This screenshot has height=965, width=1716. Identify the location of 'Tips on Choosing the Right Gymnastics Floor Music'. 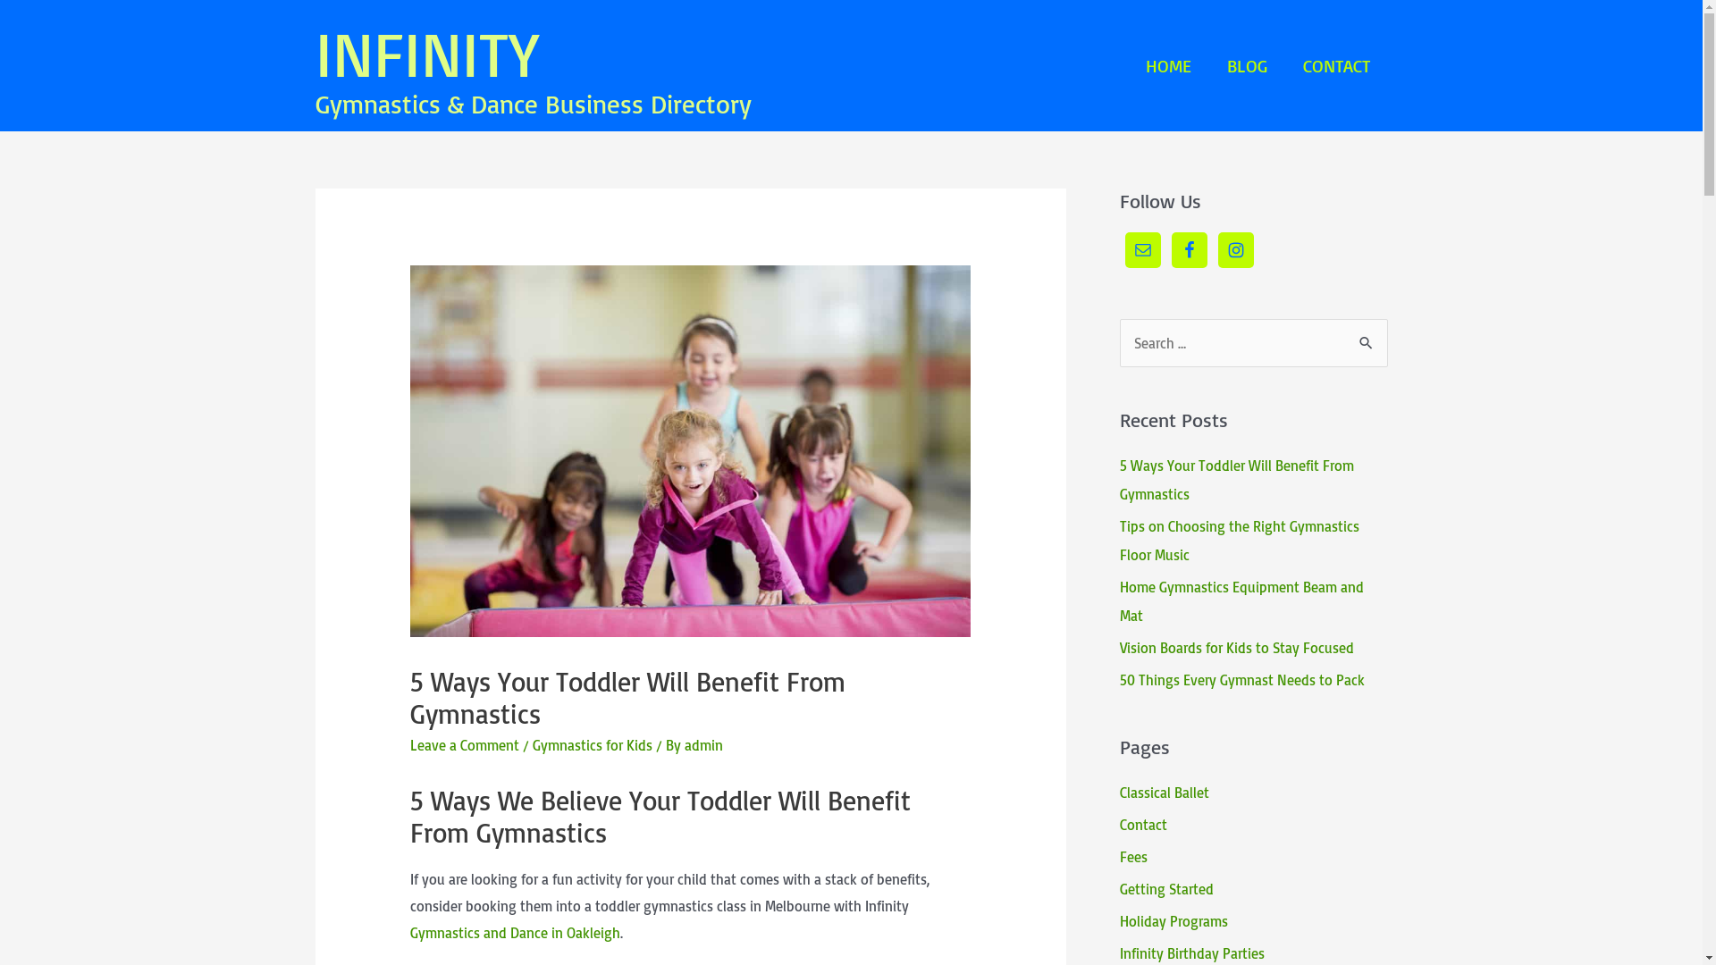
(1238, 540).